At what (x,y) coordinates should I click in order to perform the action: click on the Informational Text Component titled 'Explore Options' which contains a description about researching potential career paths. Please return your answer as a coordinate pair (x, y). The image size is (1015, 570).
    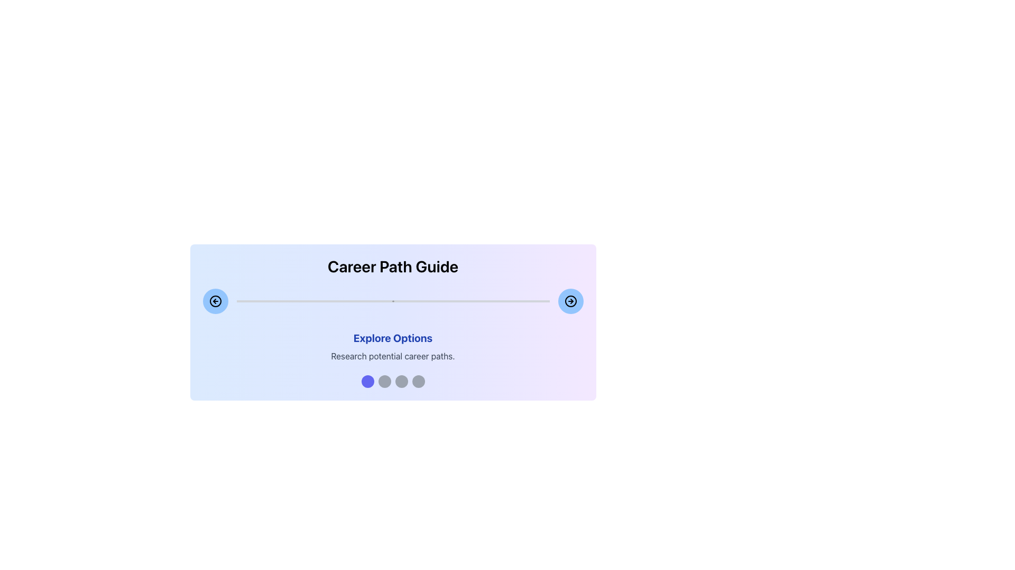
    Looking at the image, I should click on (392, 346).